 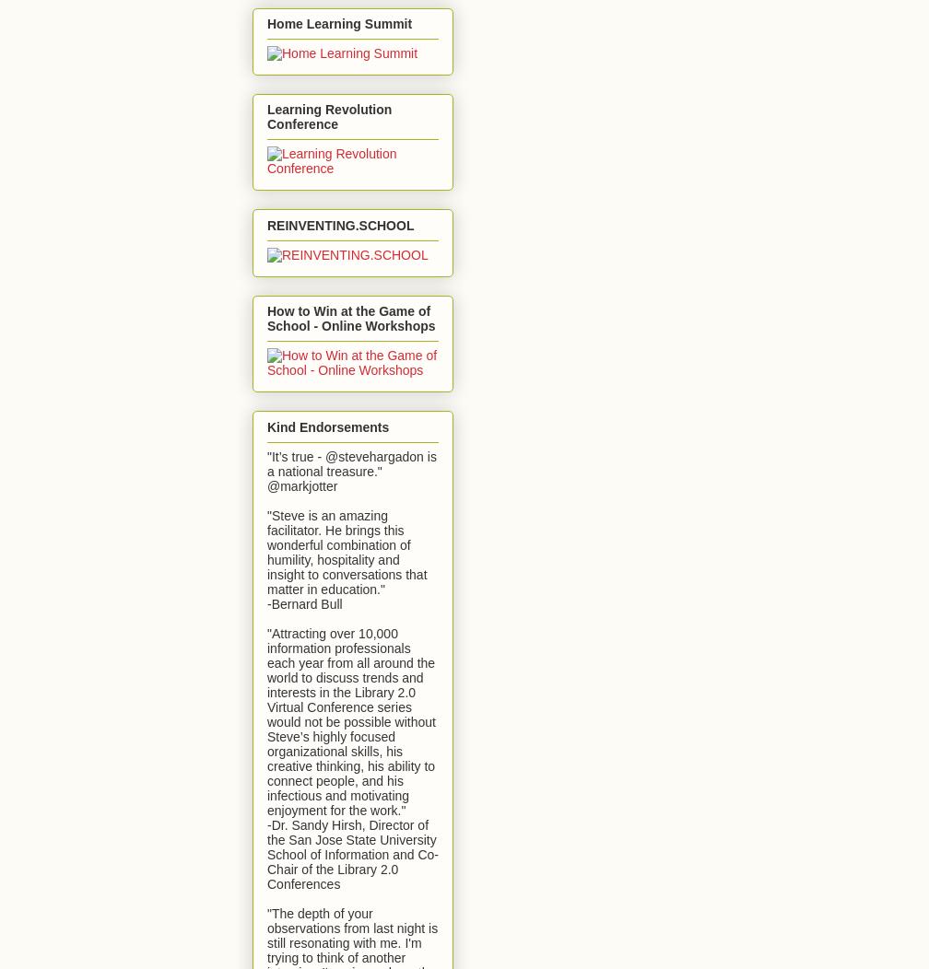 What do you see at coordinates (347, 551) in the screenshot?
I see `'"Steve is an amazing facilitator. He brings this wonderful combination of humility, hospitality and insight to conversations that matter in education."'` at bounding box center [347, 551].